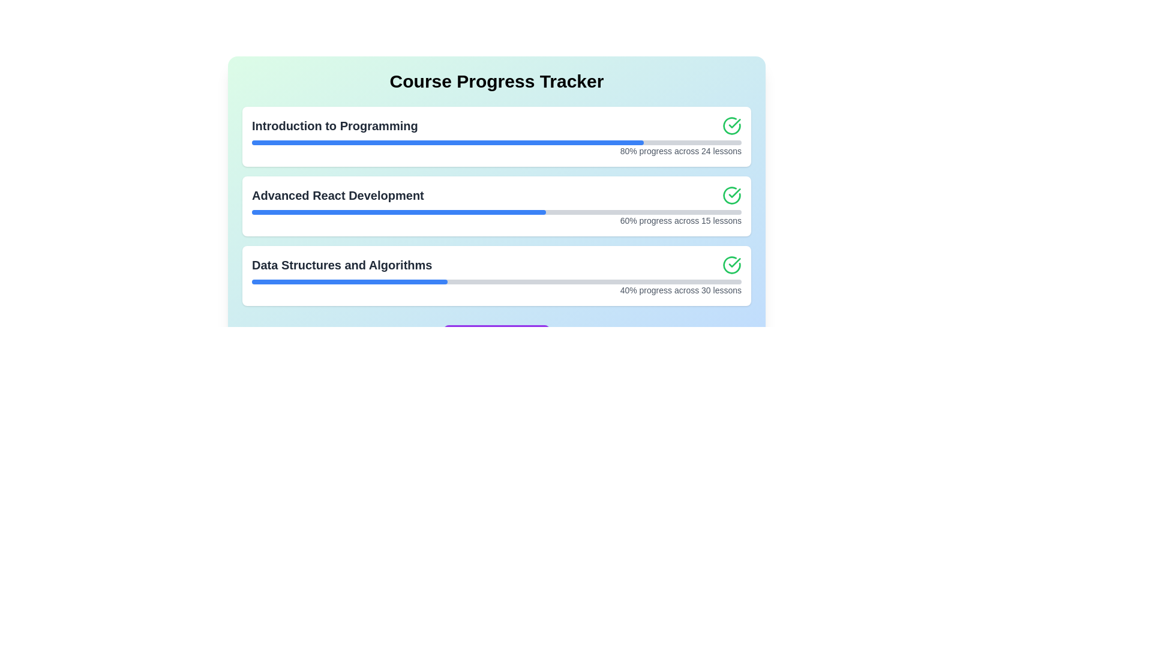 The image size is (1152, 648). What do you see at coordinates (731, 125) in the screenshot?
I see `the completion icon (circle check) located at the far-right end of the row for the 'Introduction to Programming' course, indicating that the course is completed` at bounding box center [731, 125].